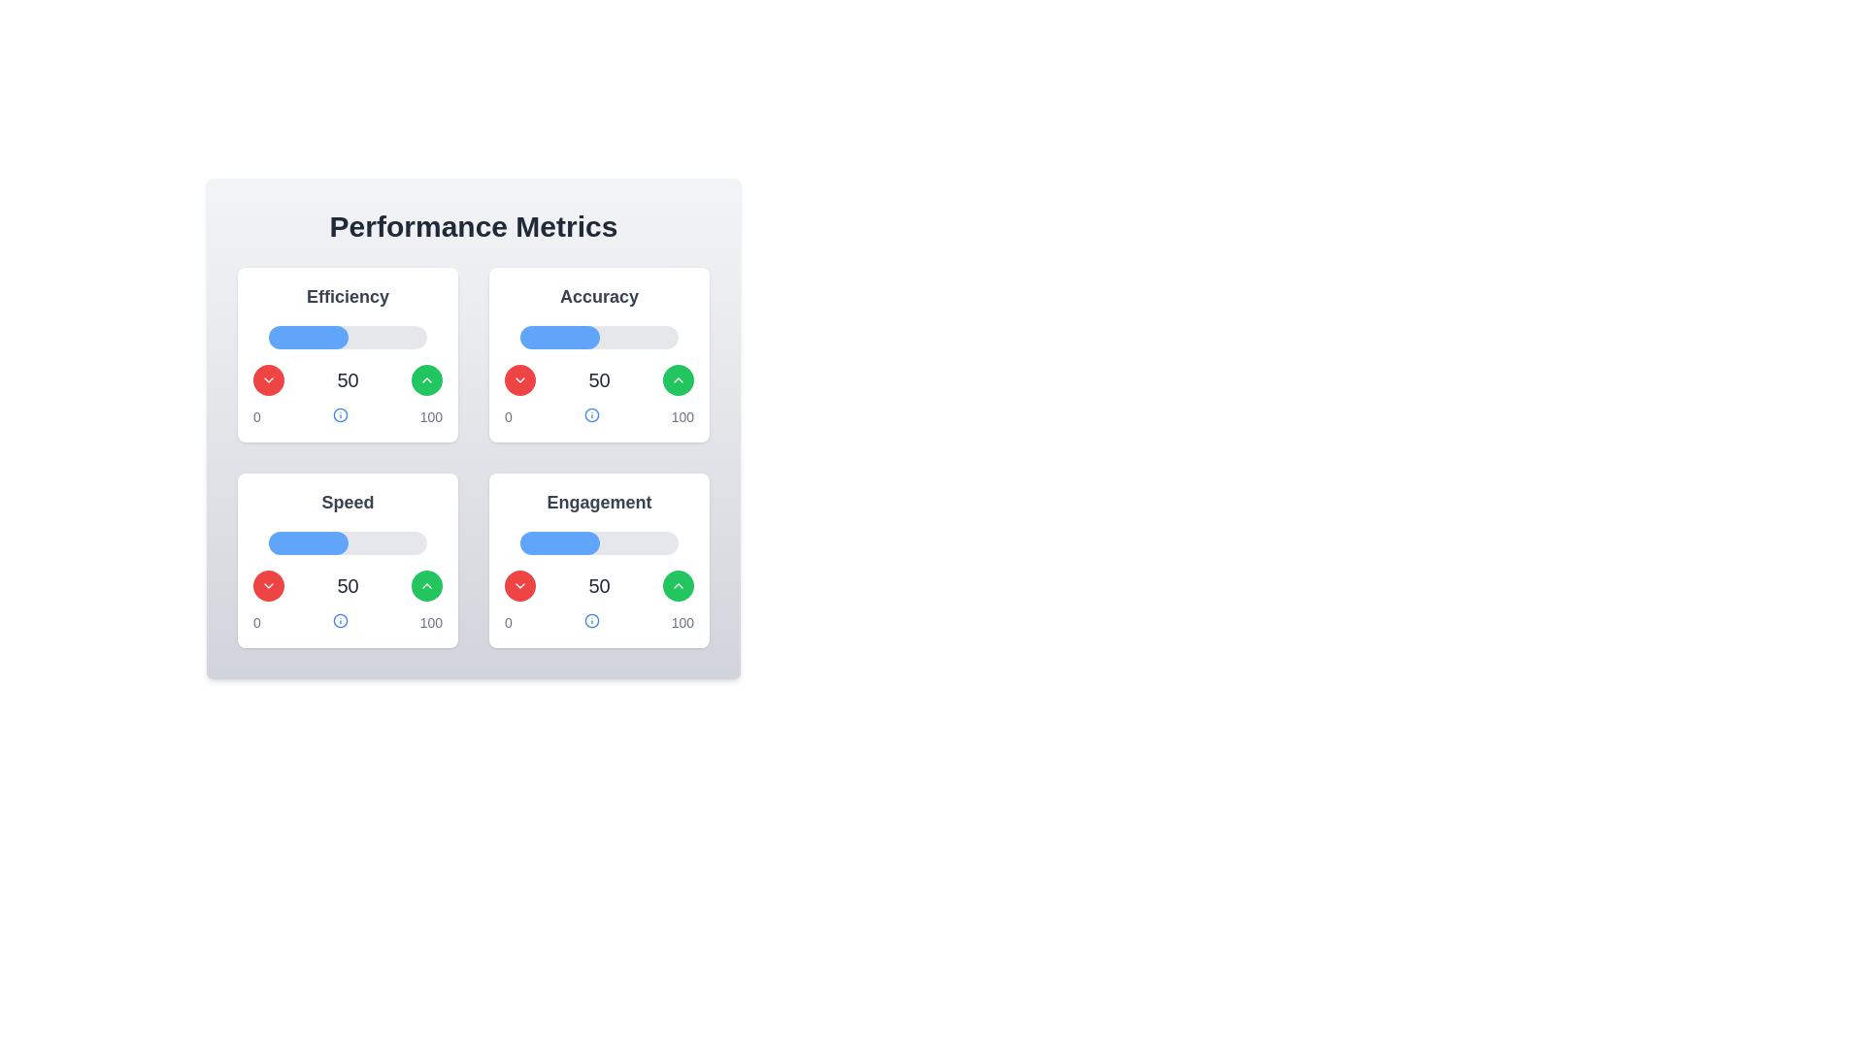  Describe the element at coordinates (340, 621) in the screenshot. I see `the informational icon located in the bottom-left card under 'Speed'` at that location.